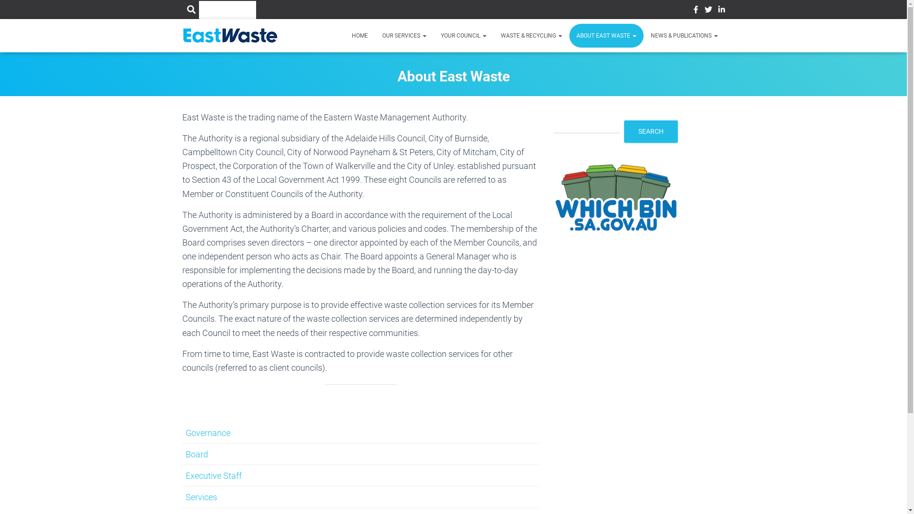 The height and width of the screenshot is (514, 914). Describe the element at coordinates (684, 35) in the screenshot. I see `'NEWS & PUBLICATIONS'` at that location.